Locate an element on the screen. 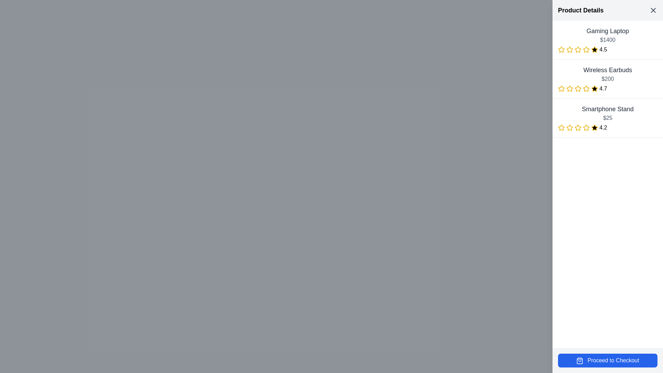 This screenshot has height=373, width=663. text label that displays 'Wireless Earbuds', which is prominently styled in medium-sized dark gray font and located above the product details in the second entry of the product list is located at coordinates (608, 70).